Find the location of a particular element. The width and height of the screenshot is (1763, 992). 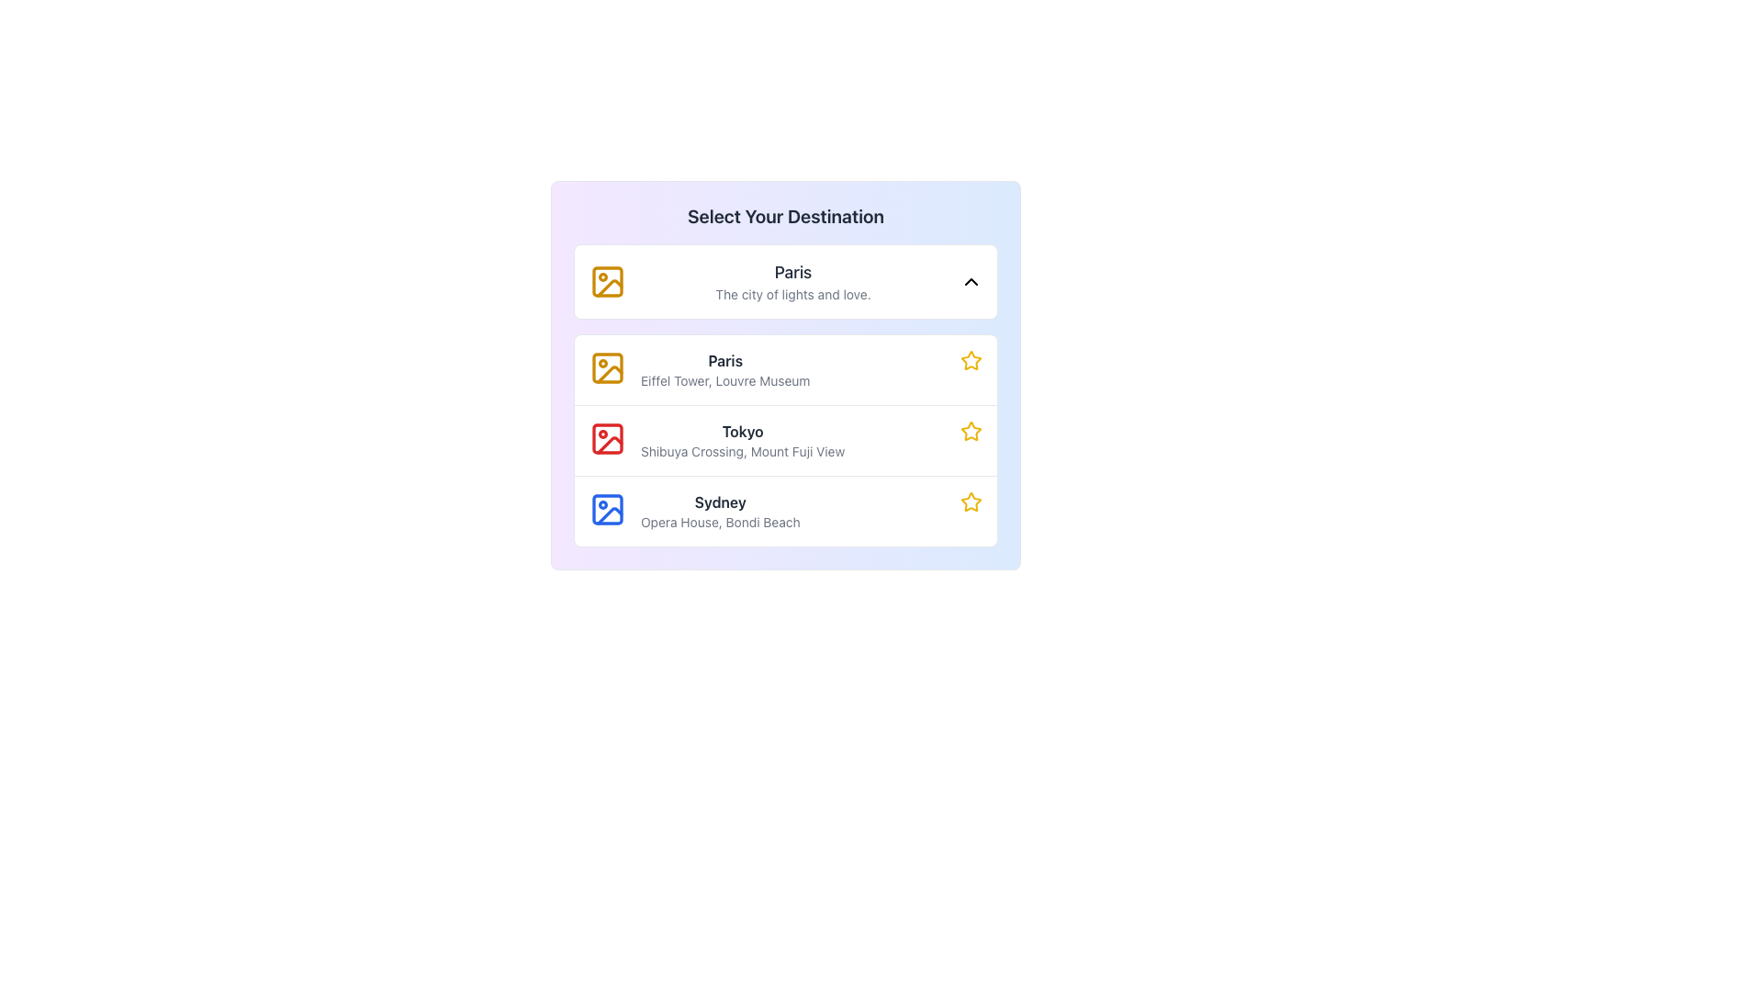

the text label that features a bold 'Paris' title and a smaller 'Eiffel Tower, Louvre Museum' subtitle, located in the second card of a vertical list within the selection menu is located at coordinates (724, 369).